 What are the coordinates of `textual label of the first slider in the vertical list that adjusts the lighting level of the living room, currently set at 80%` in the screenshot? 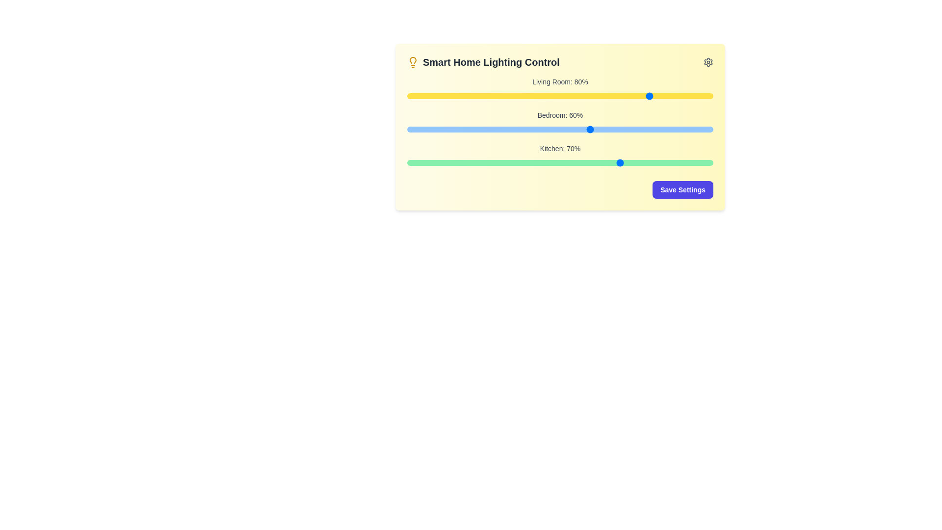 It's located at (560, 89).